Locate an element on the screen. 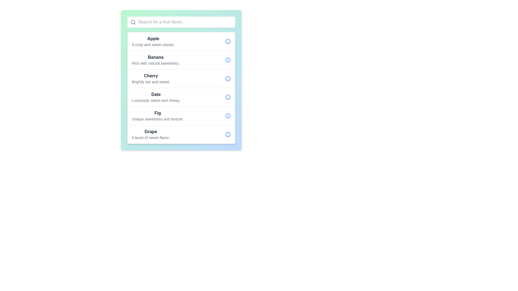 This screenshot has width=518, height=291. the text label displaying 'Apple' in bold, dark gray color is located at coordinates (153, 38).